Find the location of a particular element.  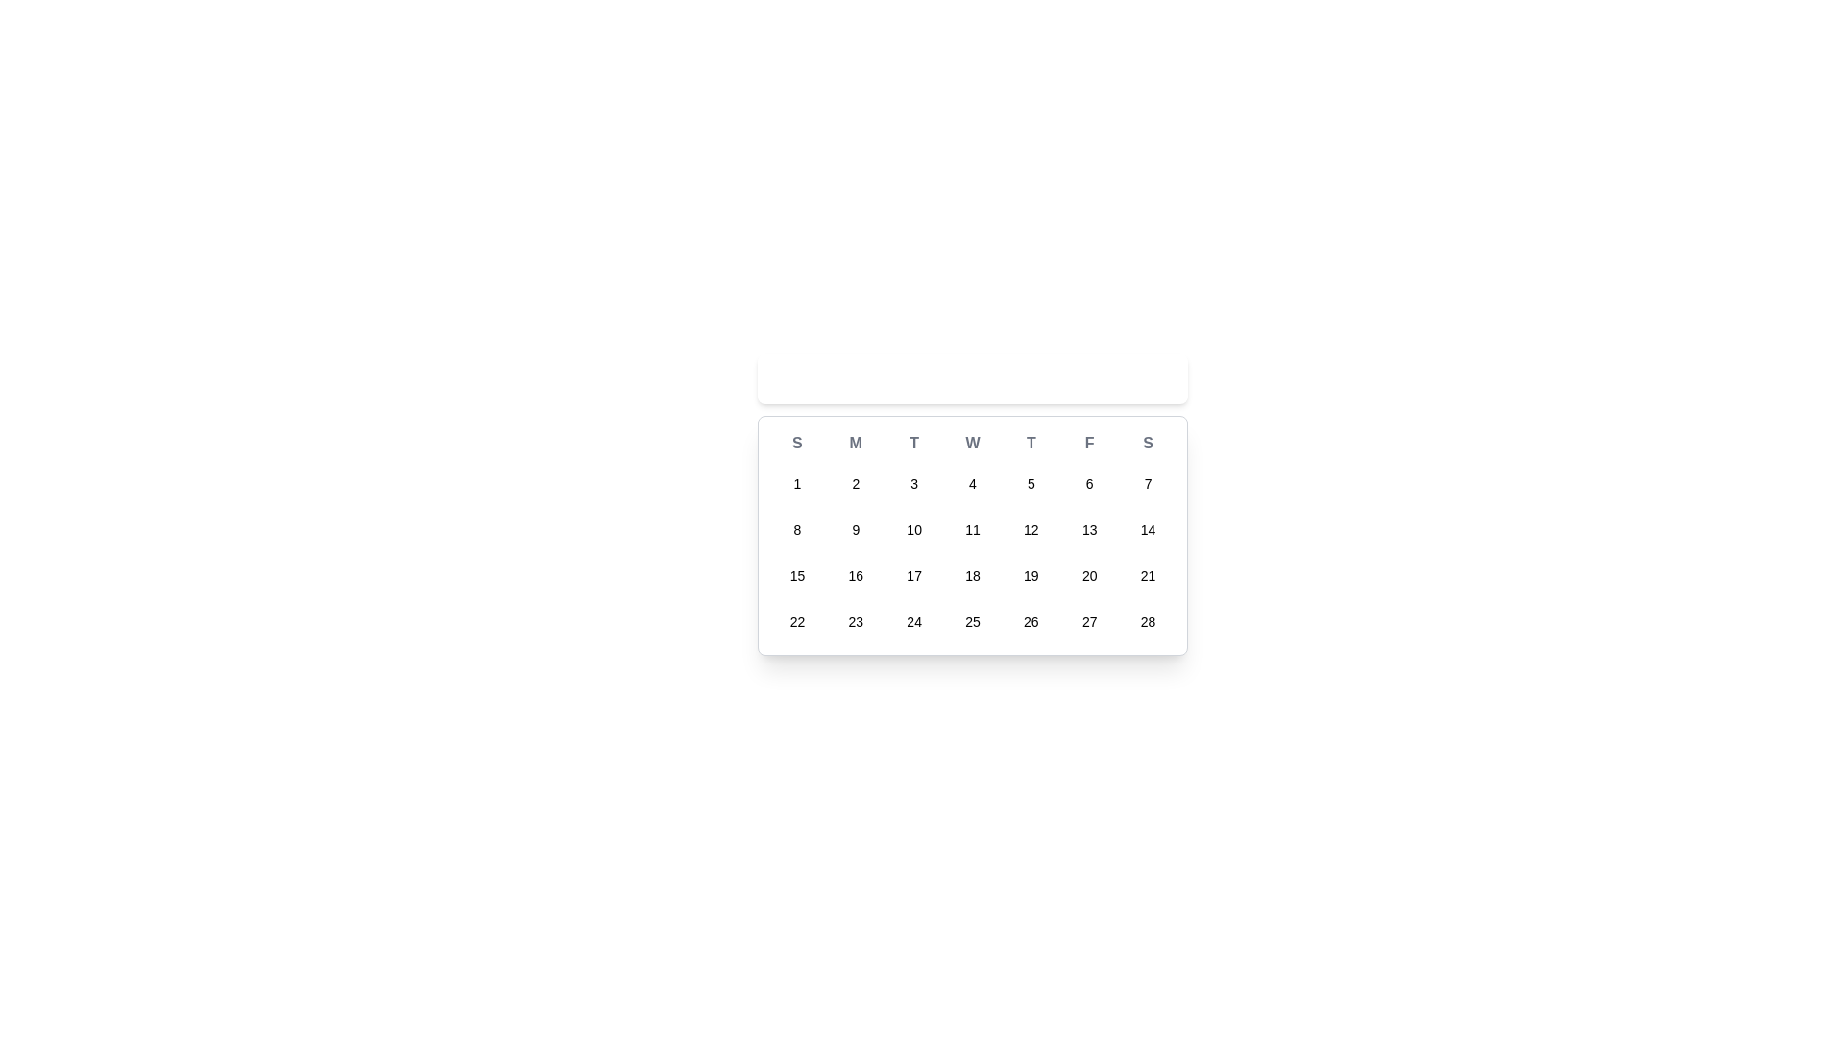

the calendar cell displaying the number '15' is located at coordinates (797, 575).